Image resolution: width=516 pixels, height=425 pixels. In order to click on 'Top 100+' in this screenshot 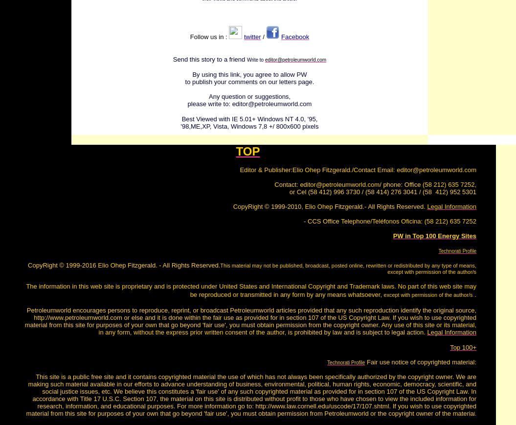, I will do `click(449, 347)`.